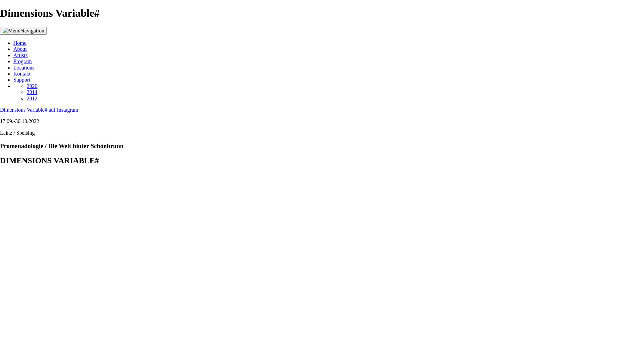 The image size is (642, 361). I want to click on 'Dimensions Variable# auf Instagram', so click(38, 109).